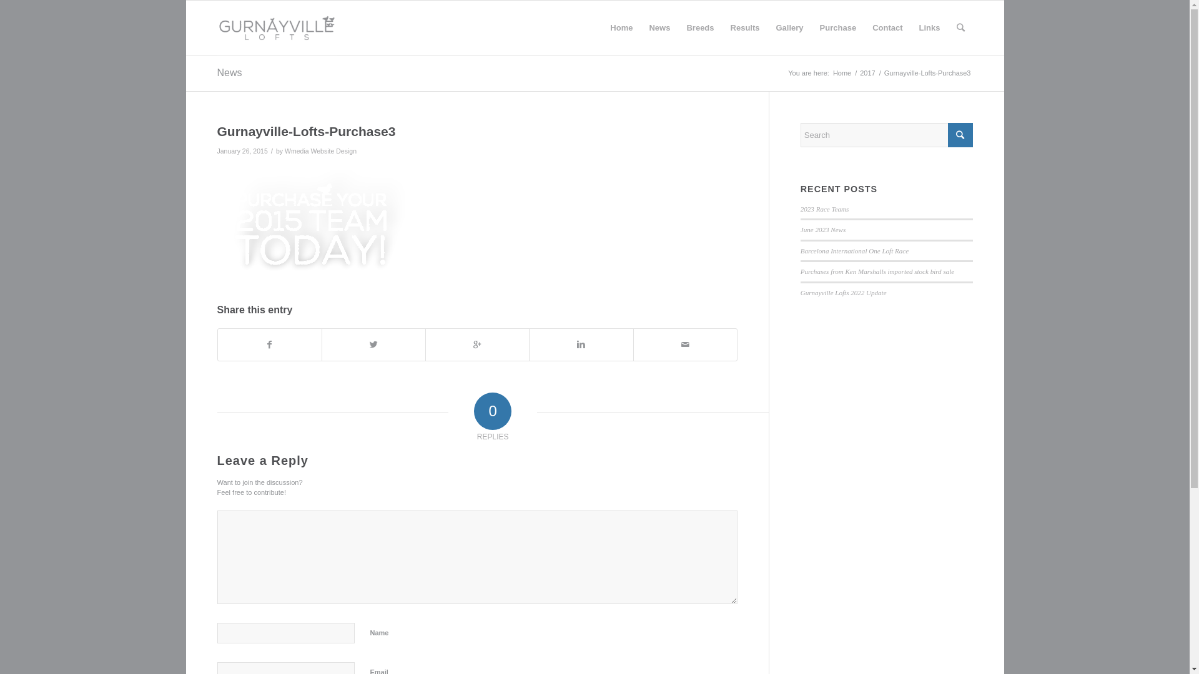 This screenshot has width=1199, height=674. Describe the element at coordinates (866, 73) in the screenshot. I see `'2017'` at that location.